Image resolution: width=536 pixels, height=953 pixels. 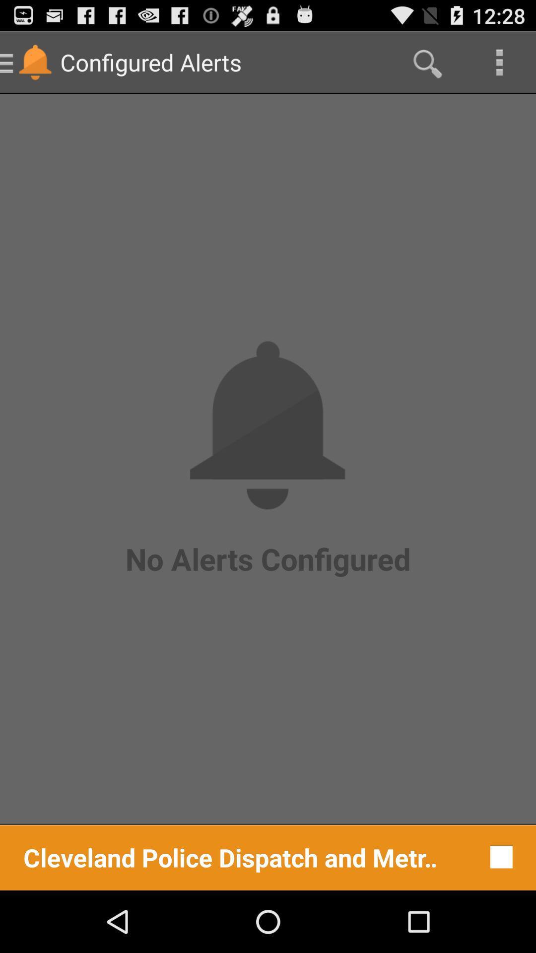 I want to click on the item next to the configured alerts app, so click(x=426, y=62).